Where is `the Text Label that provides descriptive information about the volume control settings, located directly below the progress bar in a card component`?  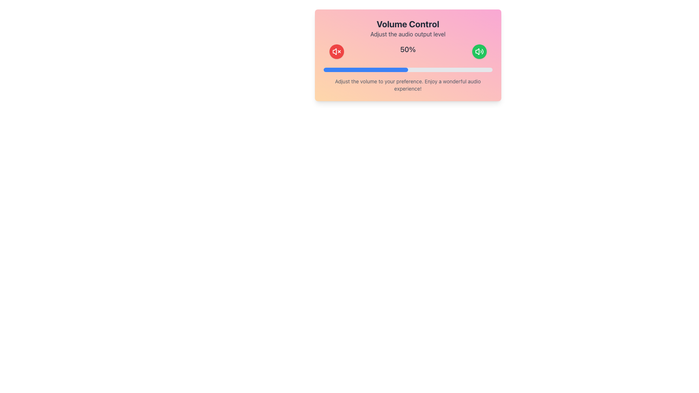
the Text Label that provides descriptive information about the volume control settings, located directly below the progress bar in a card component is located at coordinates (408, 82).